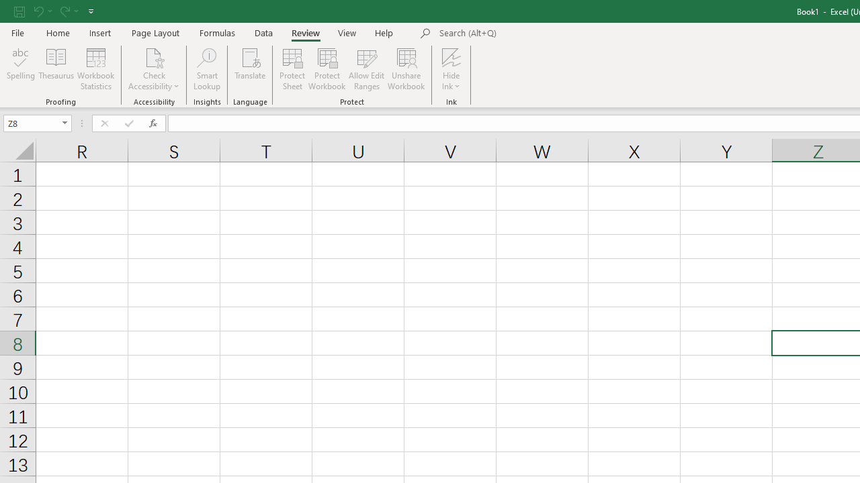 This screenshot has width=860, height=483. I want to click on 'View', so click(347, 32).